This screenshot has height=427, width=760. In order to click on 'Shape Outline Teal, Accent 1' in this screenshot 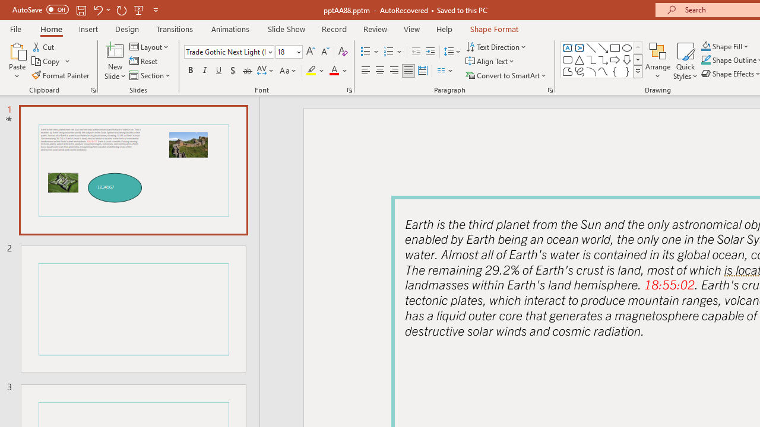, I will do `click(706, 60)`.